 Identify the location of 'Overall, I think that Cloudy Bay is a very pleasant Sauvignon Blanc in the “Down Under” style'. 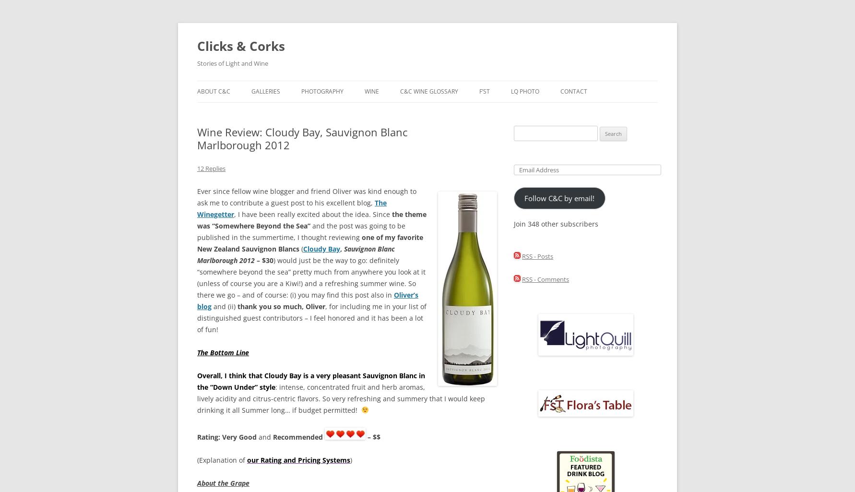
(310, 381).